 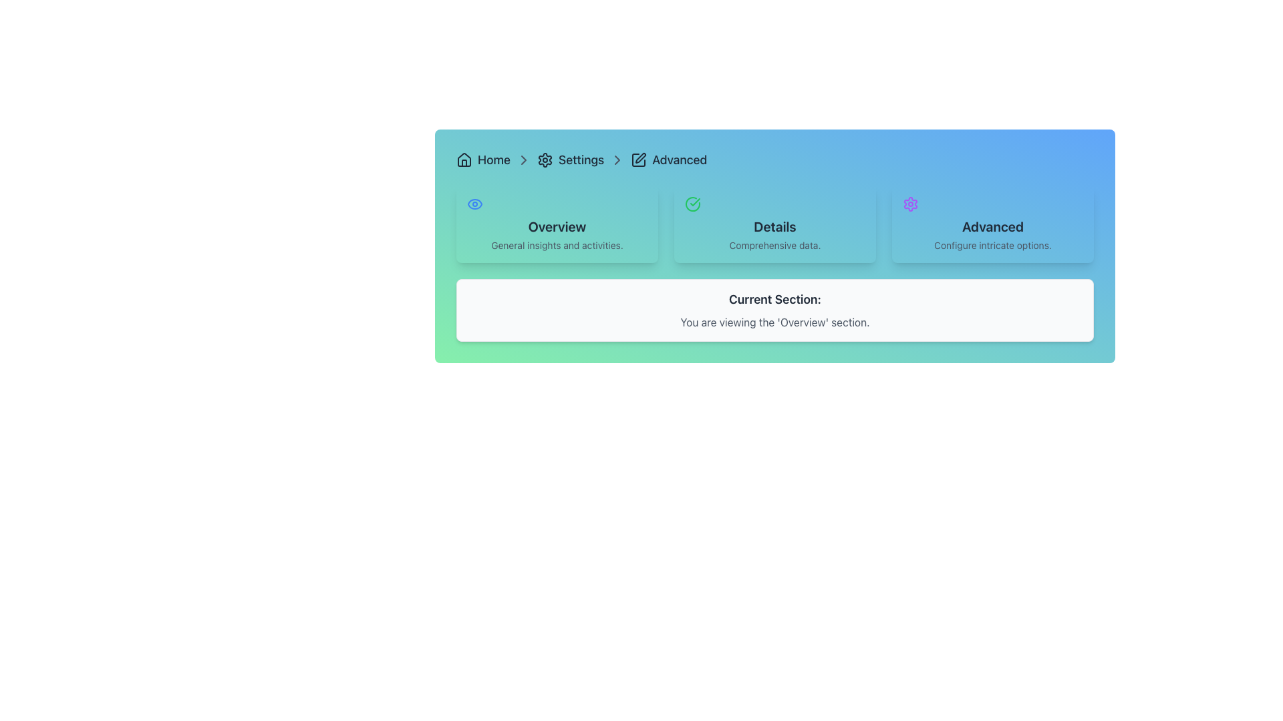 I want to click on the Breadcrumb link in the top left of the navigation bar to return to the homepage, so click(x=482, y=159).